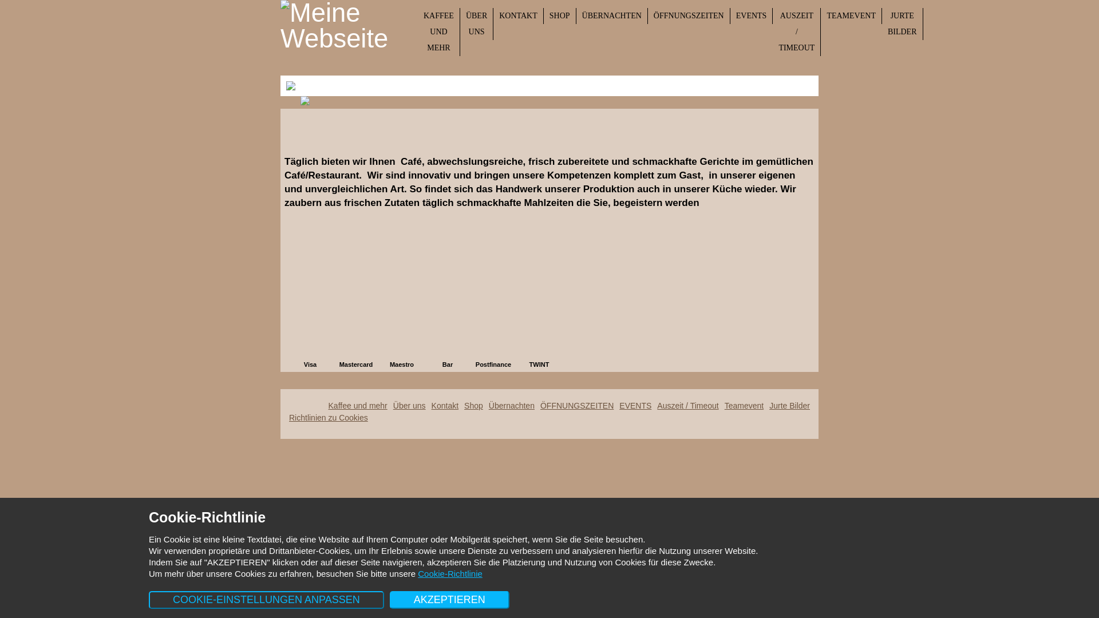 Image resolution: width=1099 pixels, height=618 pixels. Describe the element at coordinates (902, 24) in the screenshot. I see `'JURTE BILDER'` at that location.